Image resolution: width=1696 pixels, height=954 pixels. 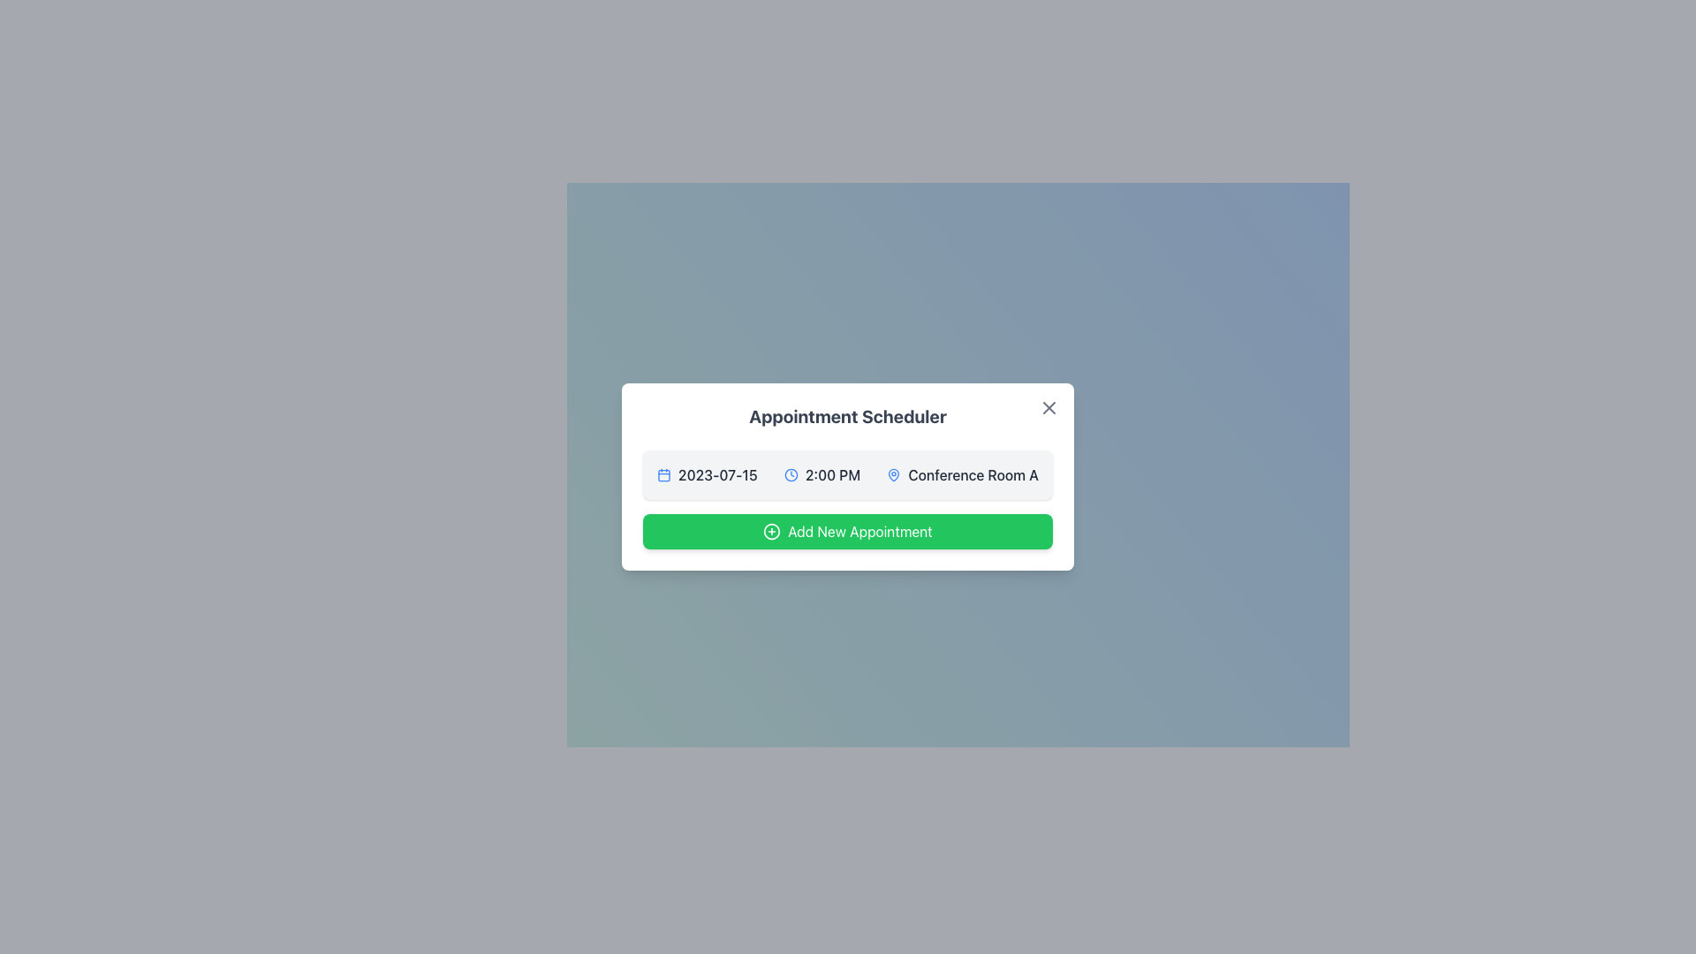 I want to click on the text label indicating the scheduled time for an appointment in the scheduler modal, so click(x=832, y=473).